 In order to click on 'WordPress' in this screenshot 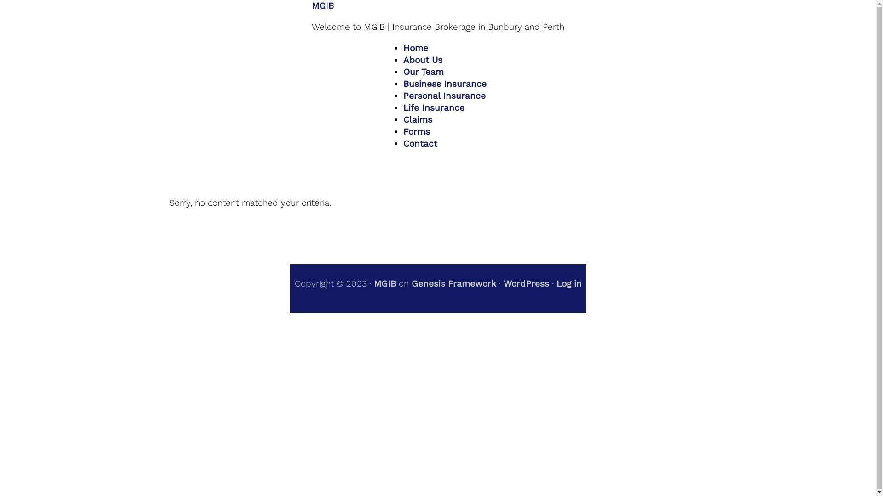, I will do `click(526, 283)`.